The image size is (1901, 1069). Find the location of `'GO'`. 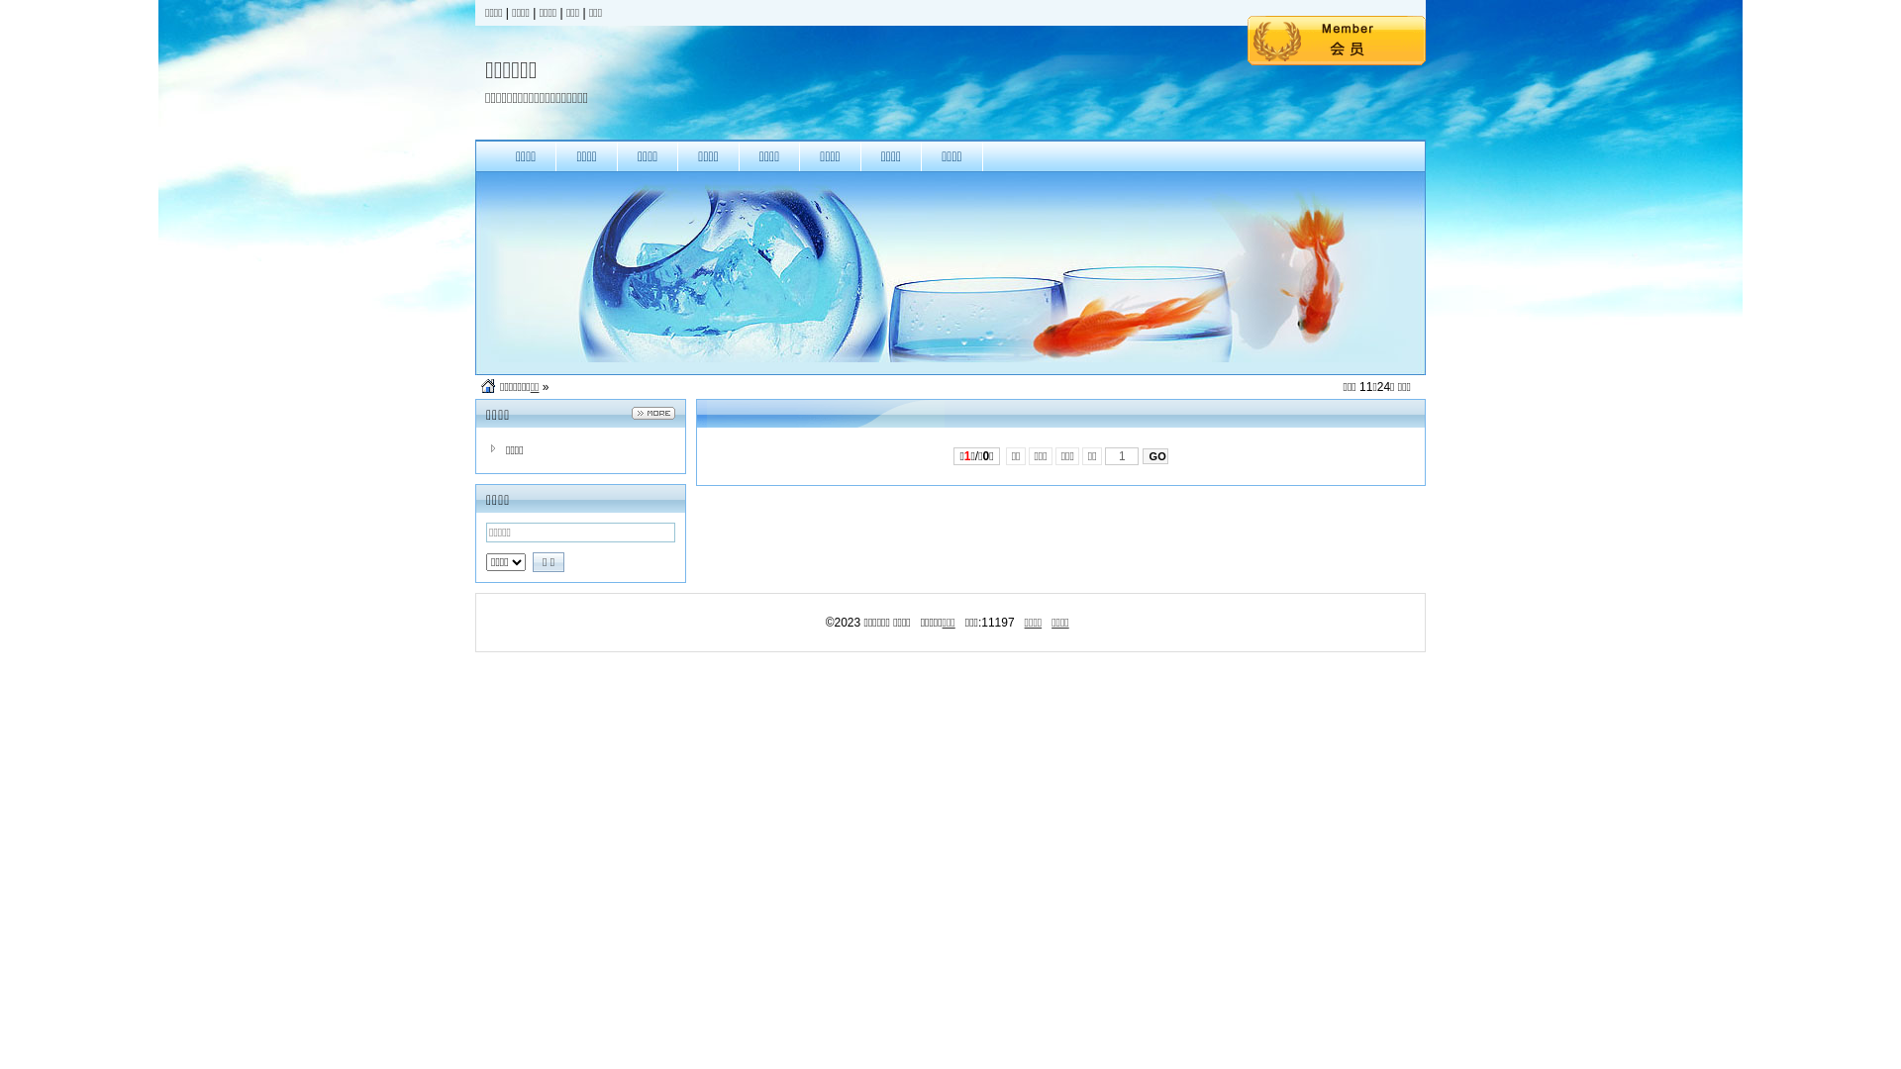

'GO' is located at coordinates (1154, 456).